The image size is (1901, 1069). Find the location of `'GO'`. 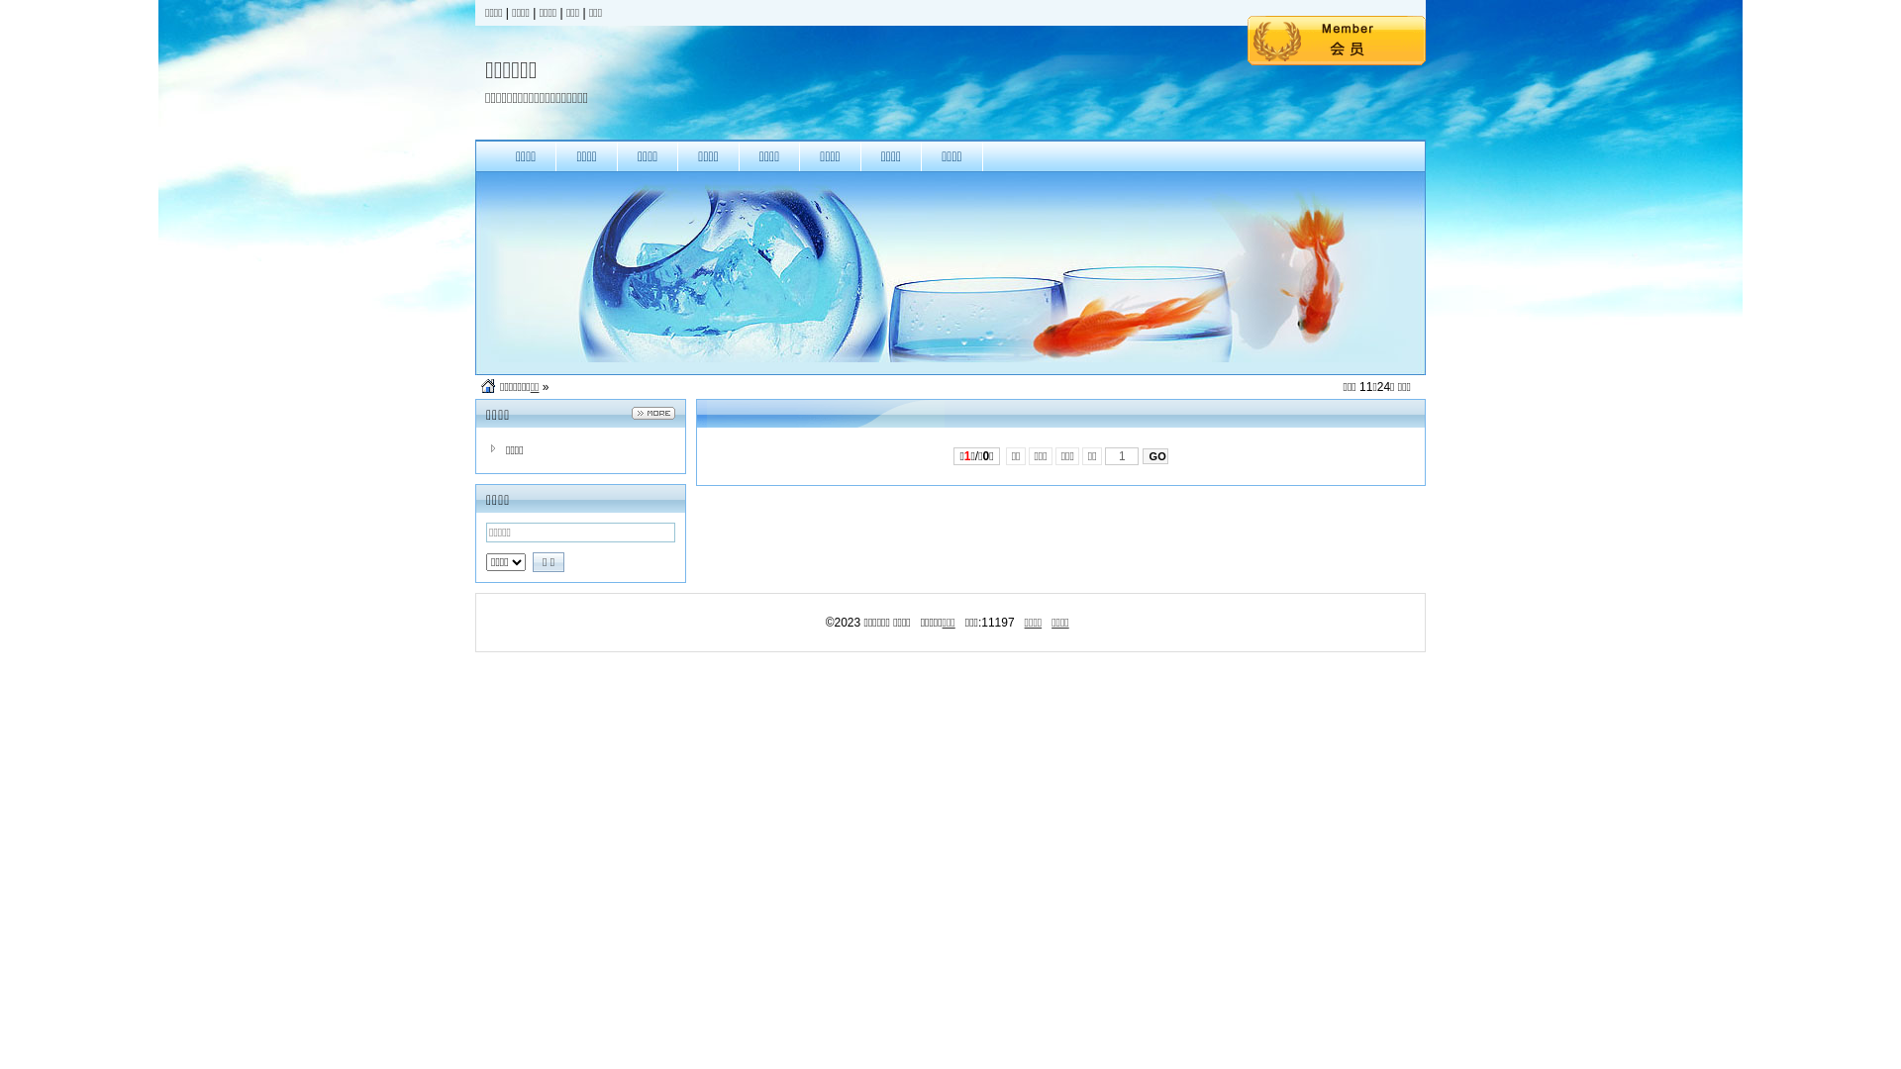

'GO' is located at coordinates (1154, 456).